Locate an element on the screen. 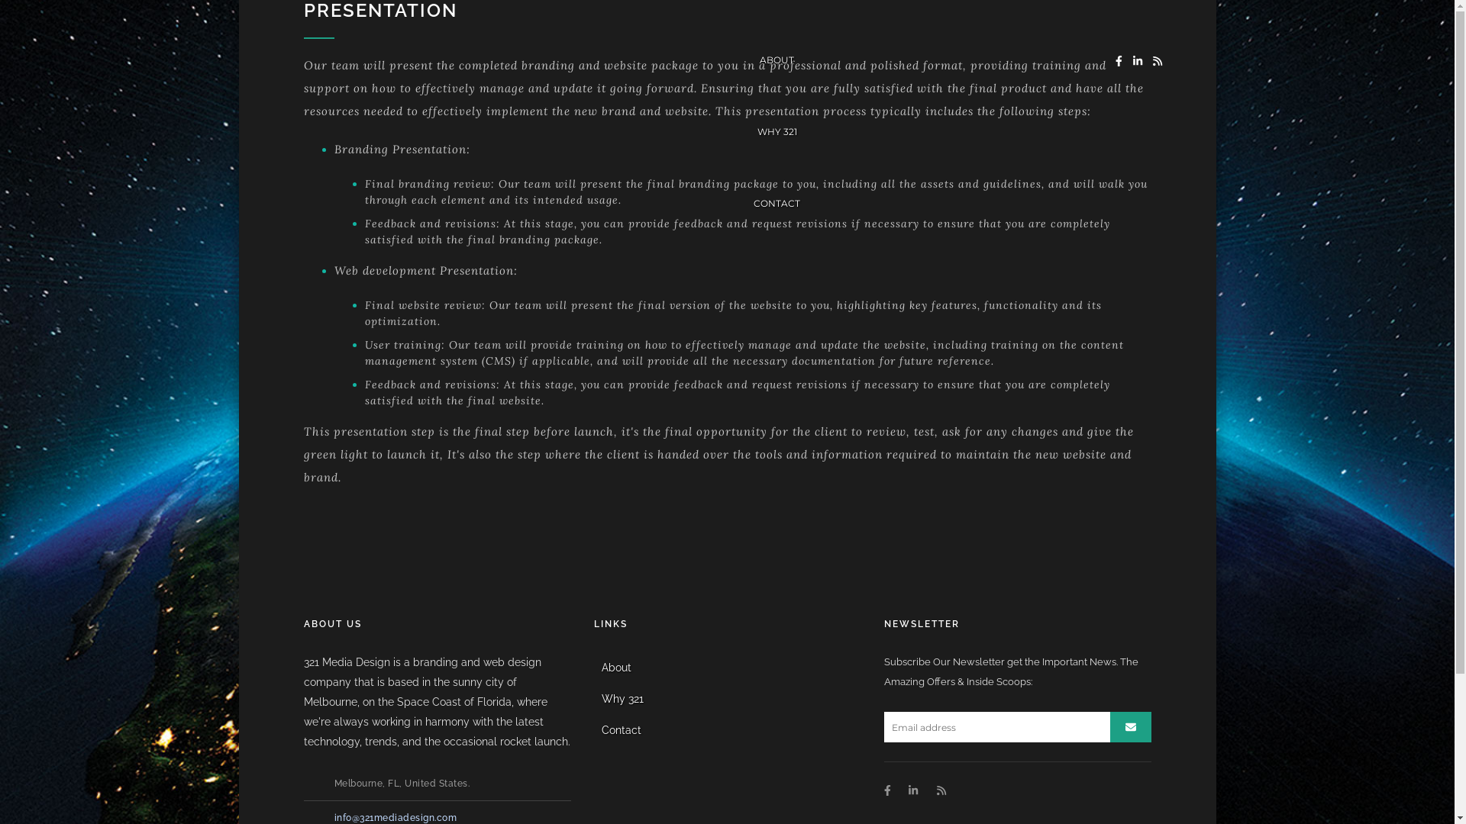  'Contact' is located at coordinates (593, 729).